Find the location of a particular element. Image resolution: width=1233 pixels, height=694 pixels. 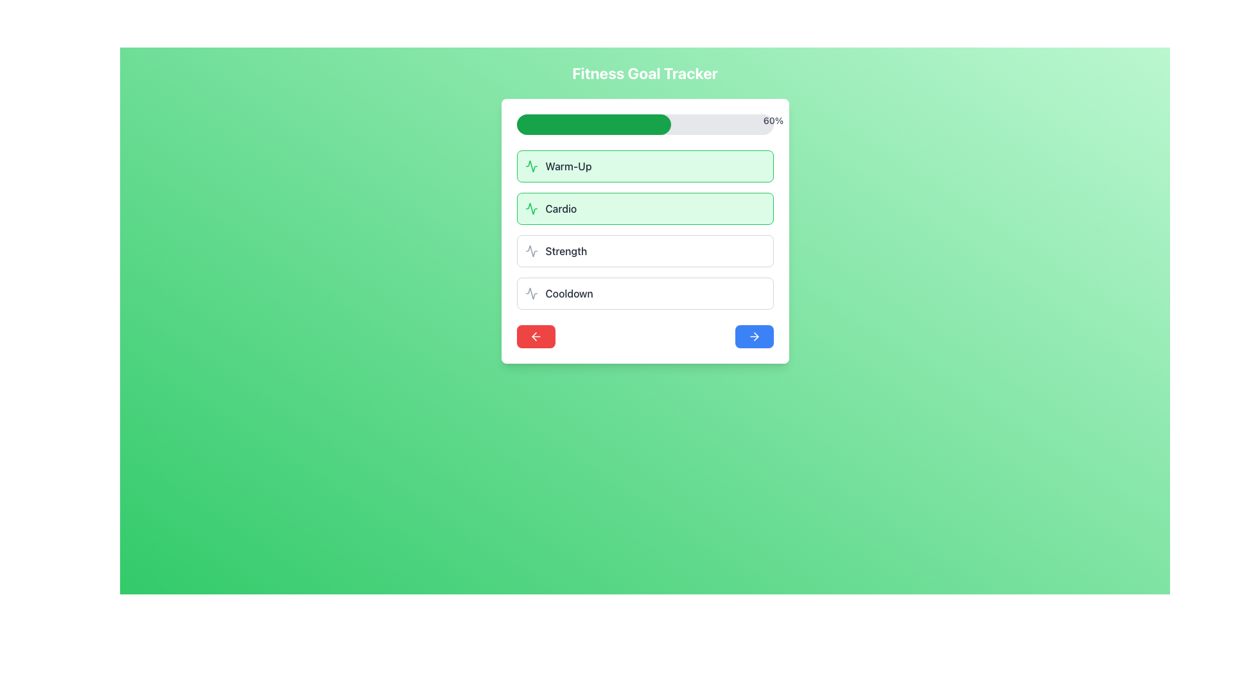

text content of the 'Warm-Up' text label, which is styled in medium-sized dark gray font and is located in the 'Fitness Goal Tracker' section, positioned between an icon and 'Cardio' is located at coordinates (568, 165).